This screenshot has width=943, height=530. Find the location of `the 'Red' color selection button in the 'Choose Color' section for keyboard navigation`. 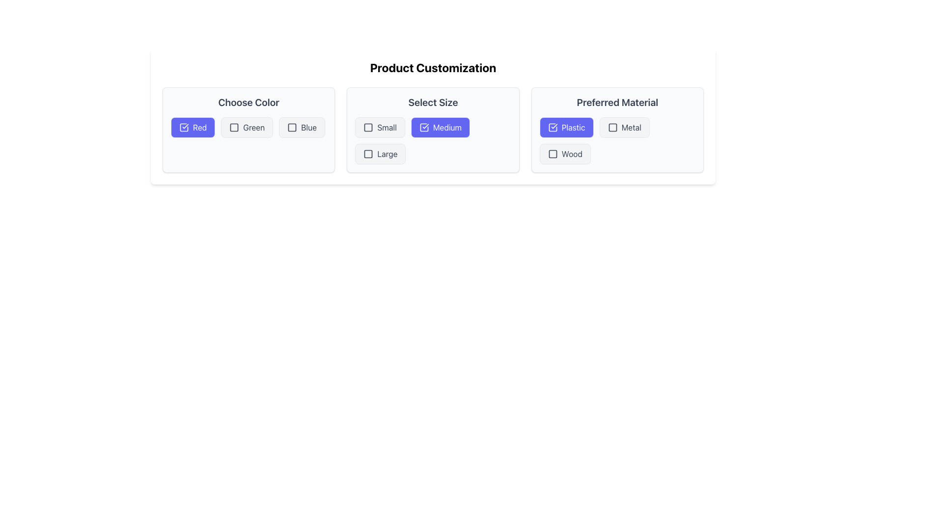

the 'Red' color selection button in the 'Choose Color' section for keyboard navigation is located at coordinates (193, 127).